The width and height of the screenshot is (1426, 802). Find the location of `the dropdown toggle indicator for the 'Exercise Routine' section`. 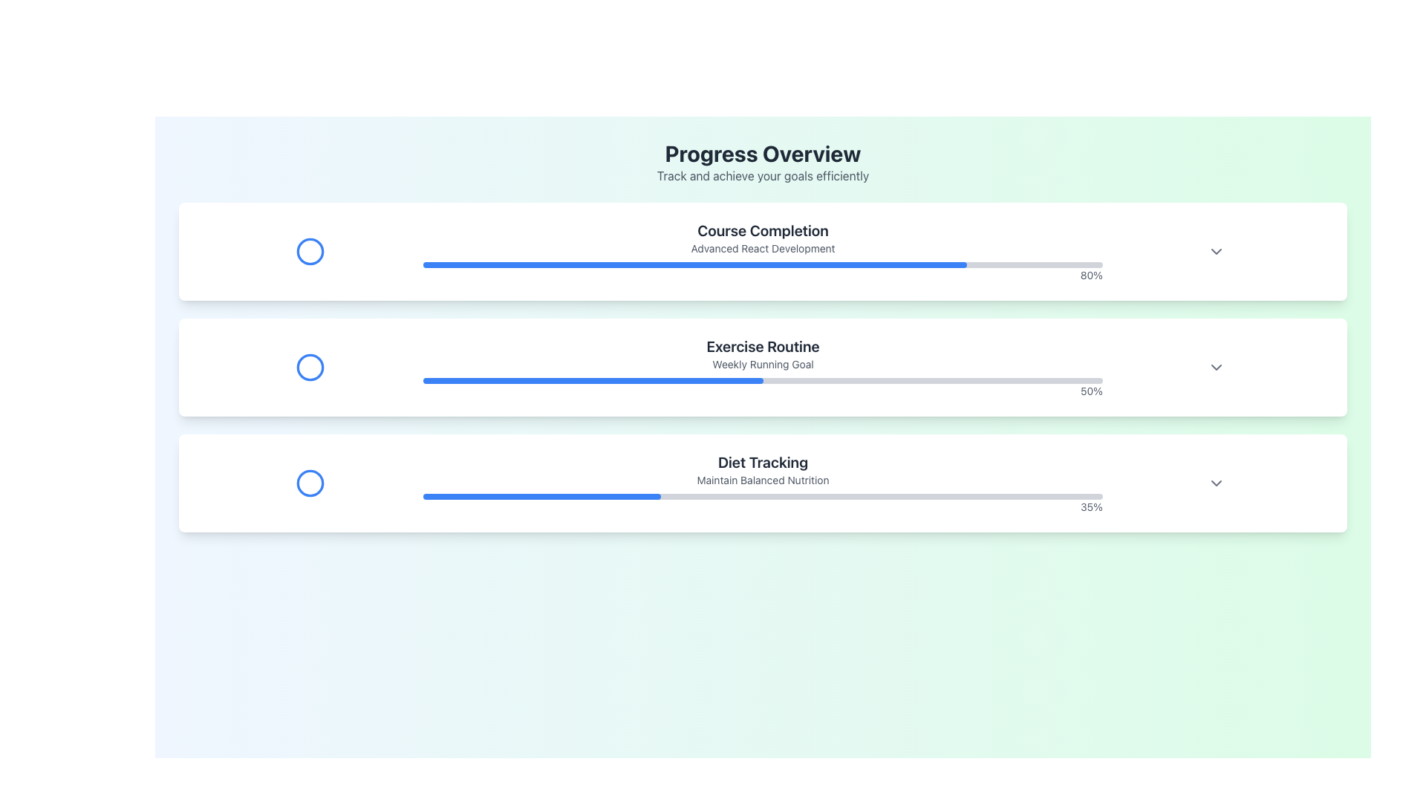

the dropdown toggle indicator for the 'Exercise Routine' section is located at coordinates (1216, 367).